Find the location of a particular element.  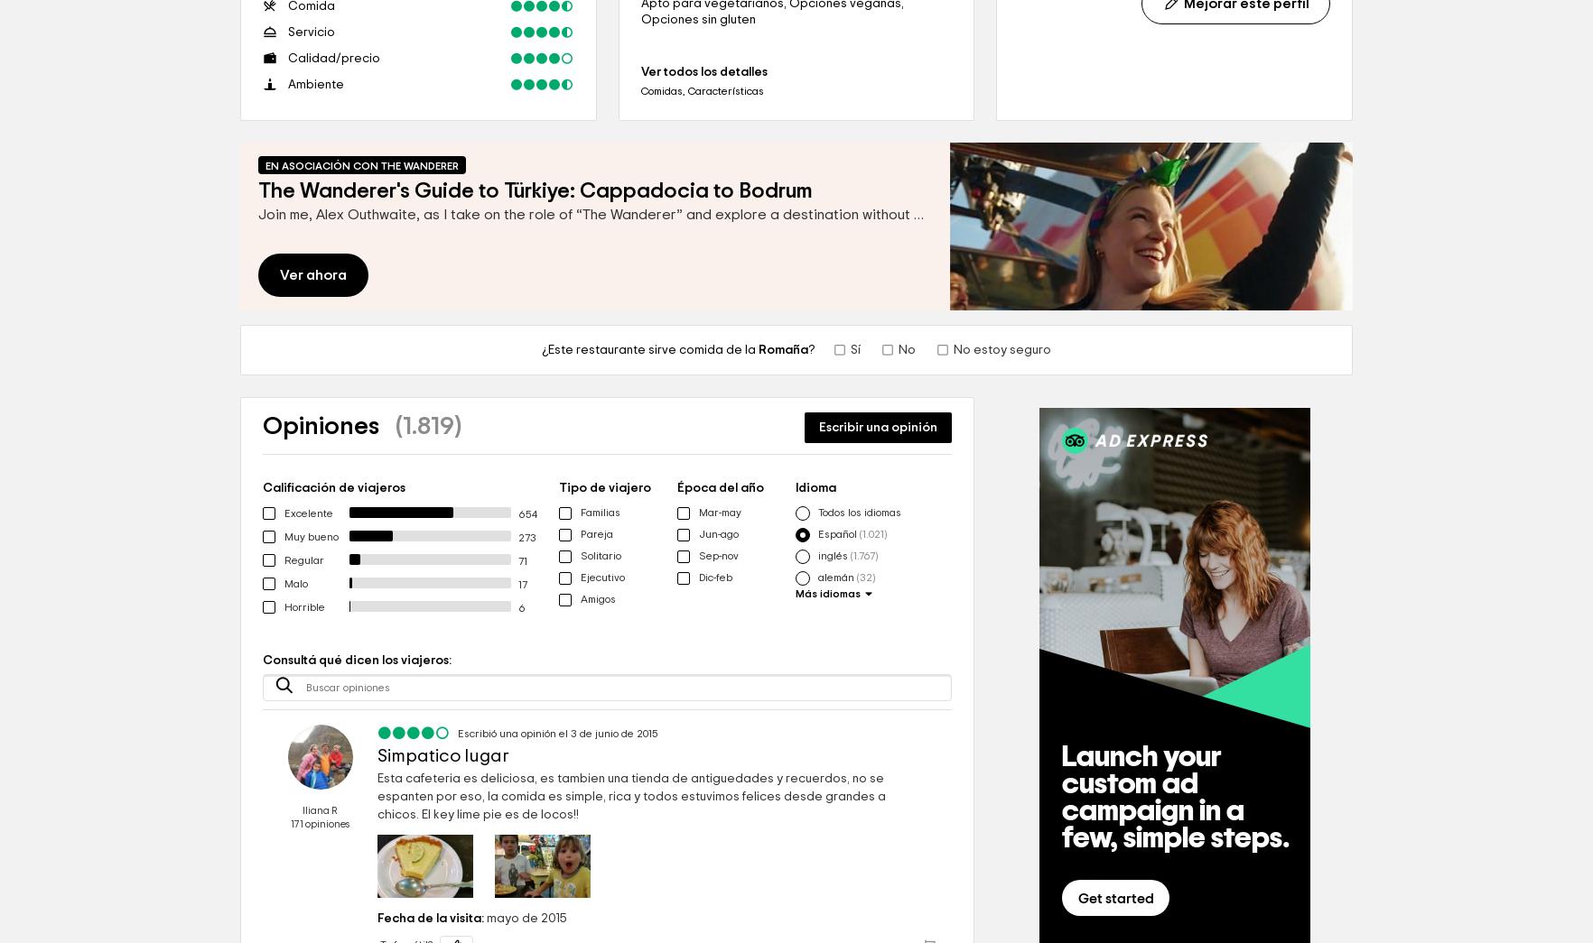

'(1.021)' is located at coordinates (873, 532).